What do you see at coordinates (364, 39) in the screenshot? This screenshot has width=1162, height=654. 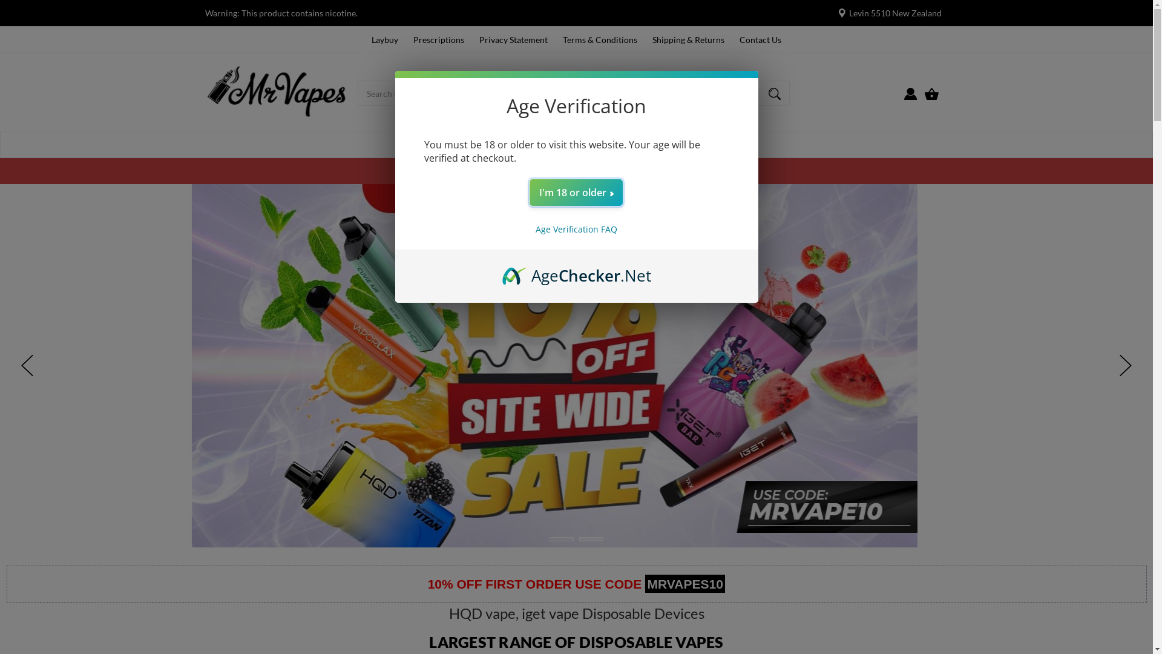 I see `'Laybuy'` at bounding box center [364, 39].